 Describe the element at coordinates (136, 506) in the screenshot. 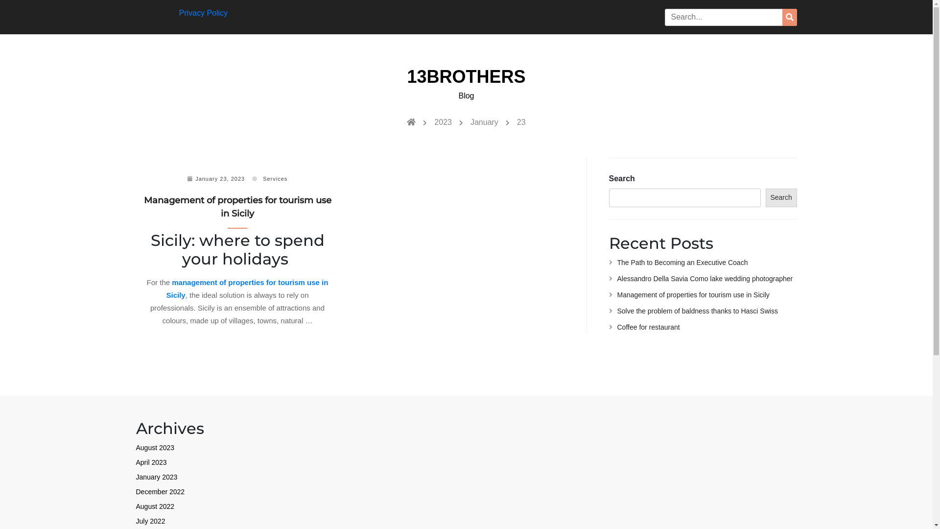

I see `'August 2022'` at that location.